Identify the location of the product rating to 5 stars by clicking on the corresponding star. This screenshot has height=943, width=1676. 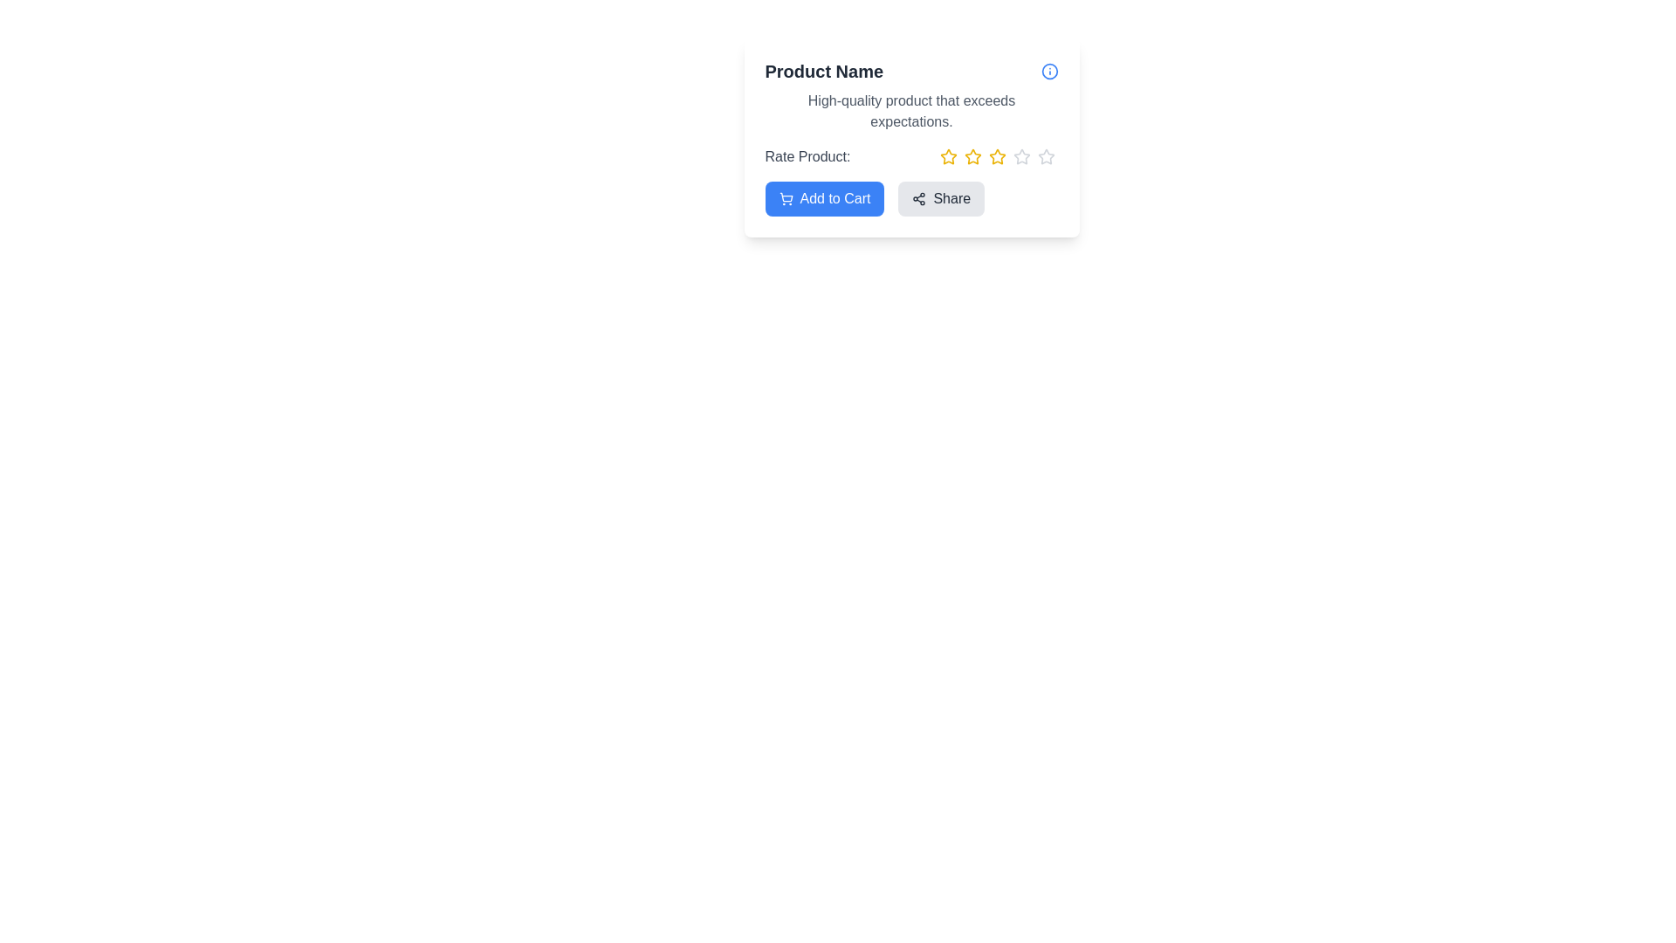
(1046, 157).